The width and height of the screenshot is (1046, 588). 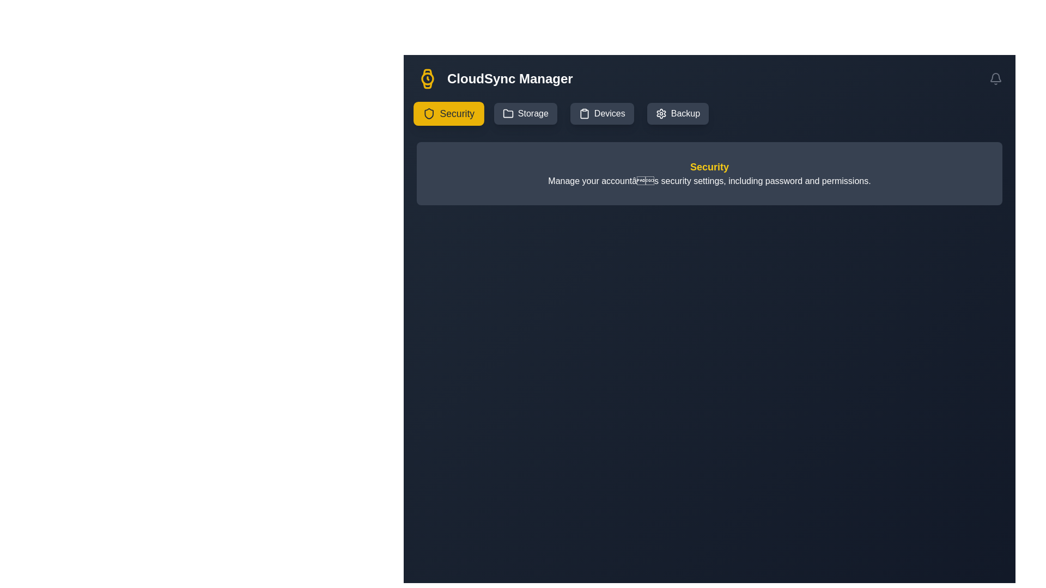 What do you see at coordinates (709, 113) in the screenshot?
I see `the item in the Horizontal Navigation Bar located beneath the title 'CloudSync Manager'` at bounding box center [709, 113].